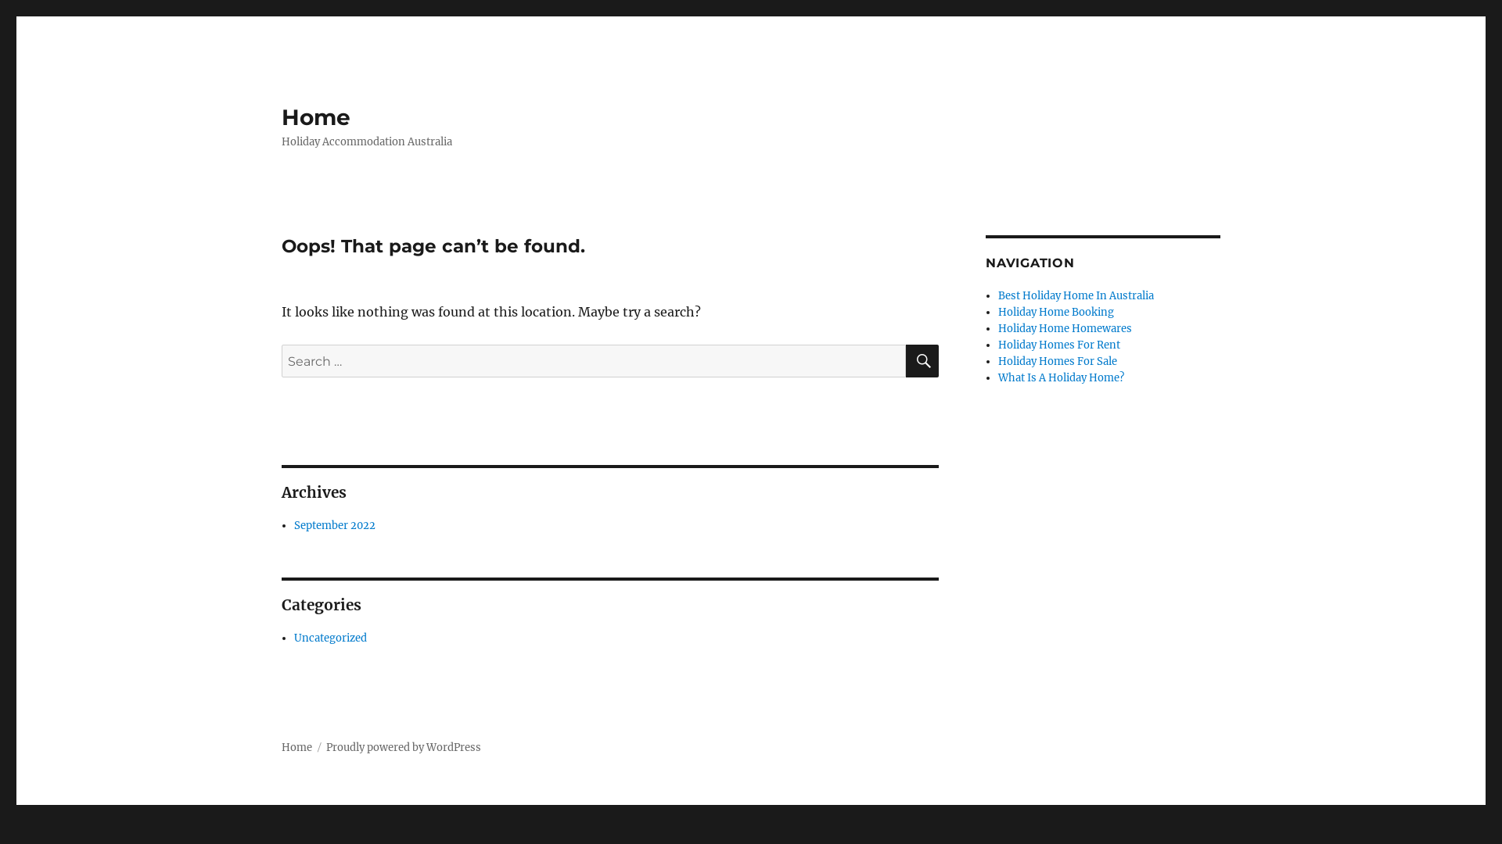 This screenshot has height=844, width=1502. What do you see at coordinates (1061, 377) in the screenshot?
I see `'What Is A Holiday Home?'` at bounding box center [1061, 377].